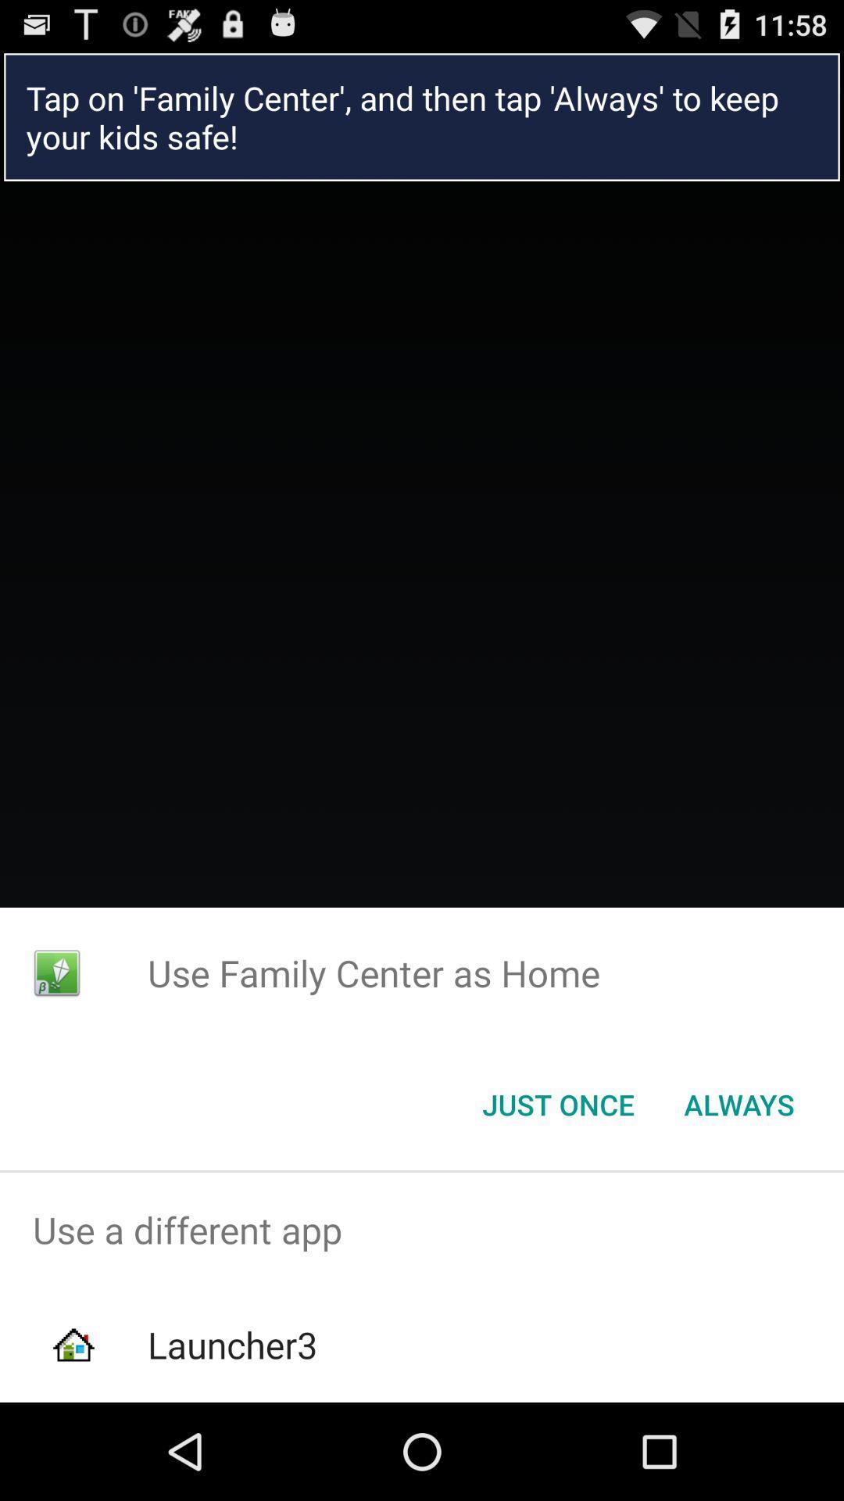 This screenshot has height=1501, width=844. Describe the element at coordinates (738, 1103) in the screenshot. I see `item at the bottom right corner` at that location.